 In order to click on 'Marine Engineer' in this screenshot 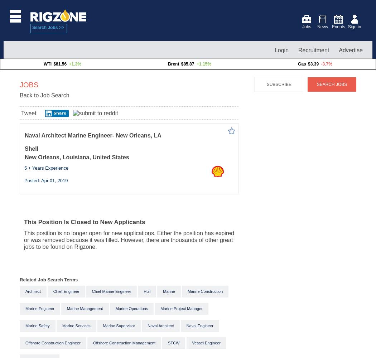, I will do `click(25, 308)`.